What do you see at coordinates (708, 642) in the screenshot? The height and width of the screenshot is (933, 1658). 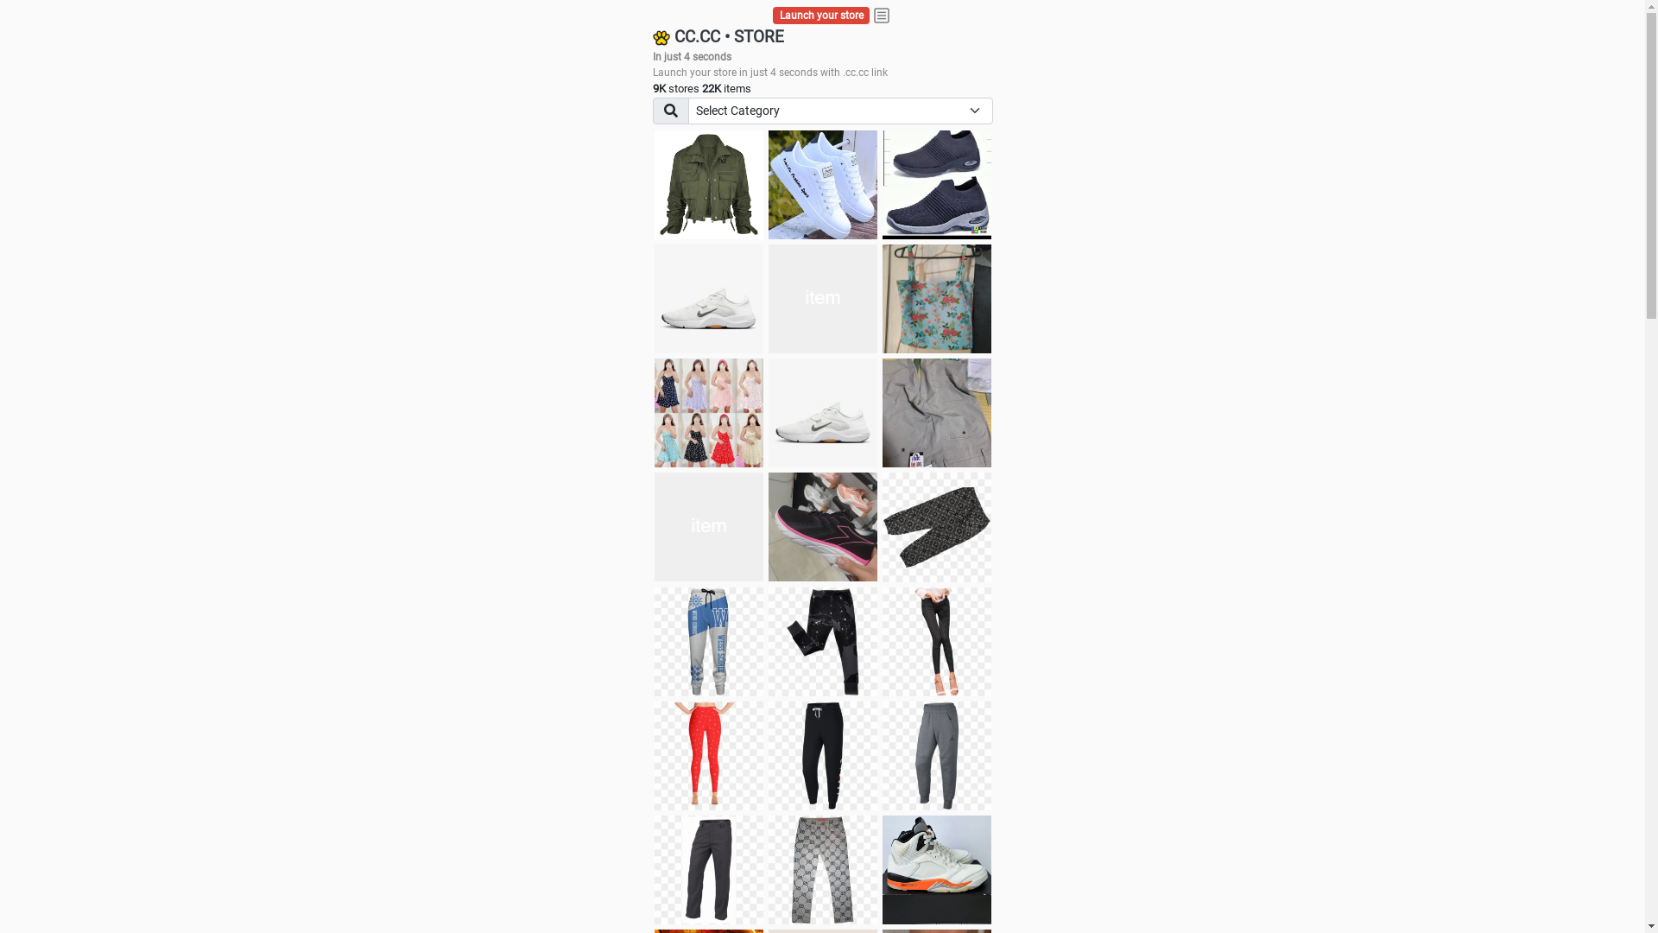 I see `'Pant'` at bounding box center [708, 642].